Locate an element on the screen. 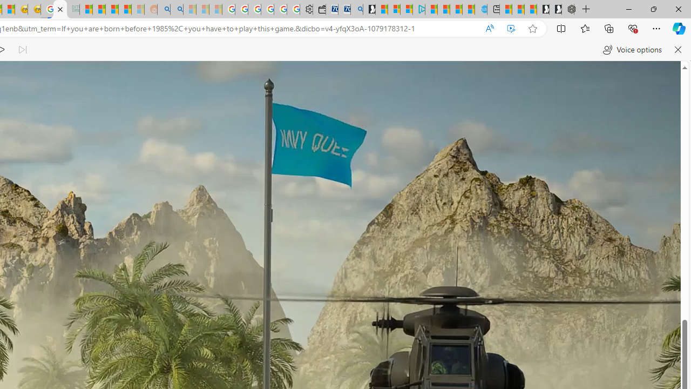 The width and height of the screenshot is (691, 389). 'Close read aloud' is located at coordinates (677, 50).